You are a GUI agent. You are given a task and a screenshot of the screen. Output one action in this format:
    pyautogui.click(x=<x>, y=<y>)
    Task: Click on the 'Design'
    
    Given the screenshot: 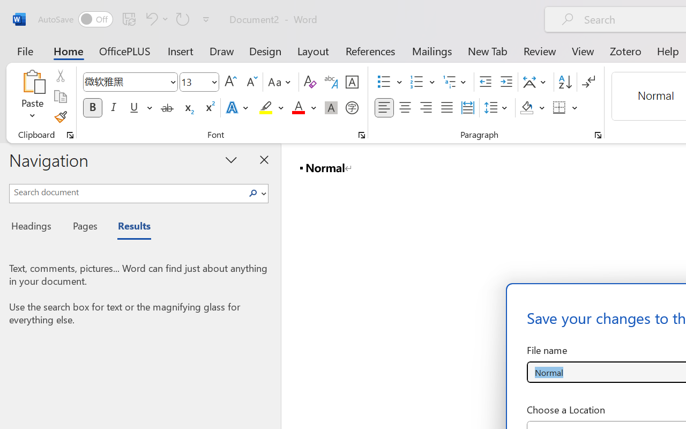 What is the action you would take?
    pyautogui.click(x=265, y=50)
    